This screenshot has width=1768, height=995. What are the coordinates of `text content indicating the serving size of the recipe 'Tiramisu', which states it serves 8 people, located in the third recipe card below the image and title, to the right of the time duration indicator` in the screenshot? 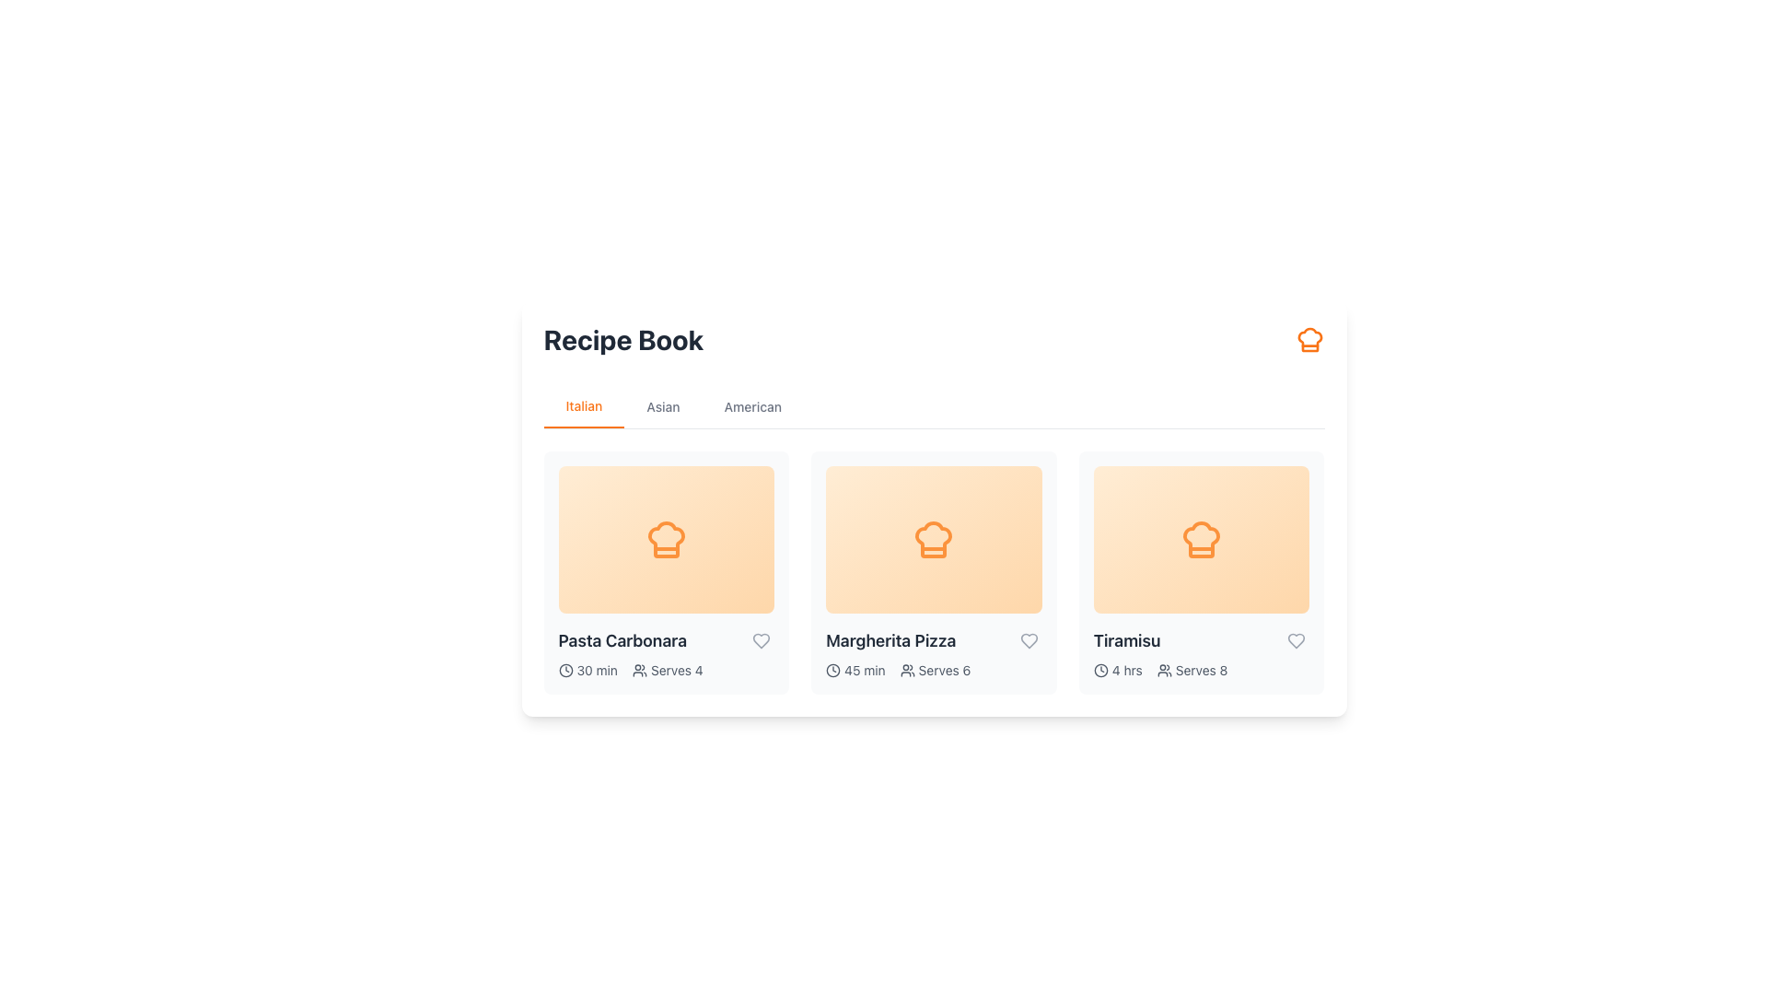 It's located at (1192, 671).